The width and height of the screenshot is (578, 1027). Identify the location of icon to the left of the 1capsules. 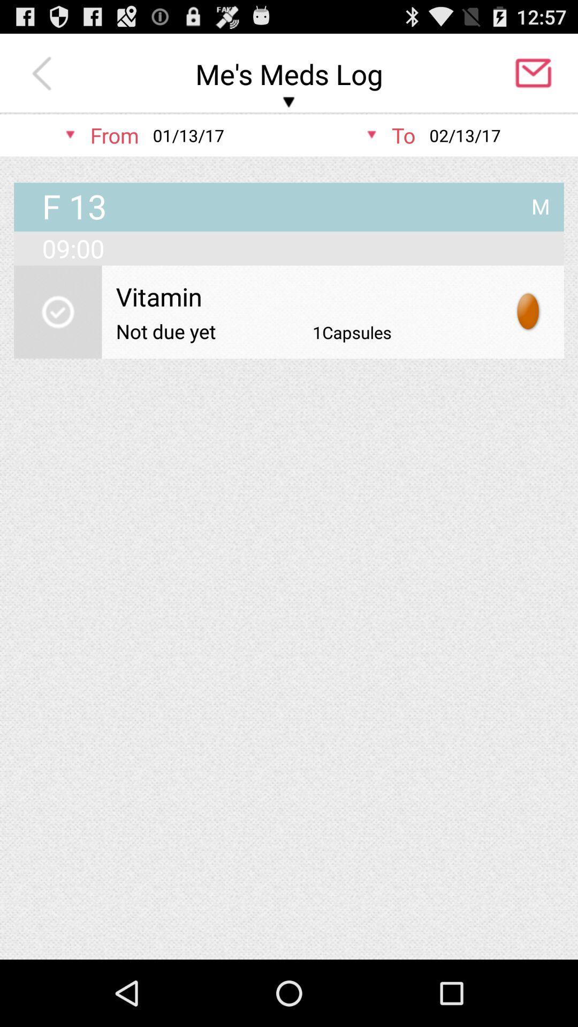
(166, 331).